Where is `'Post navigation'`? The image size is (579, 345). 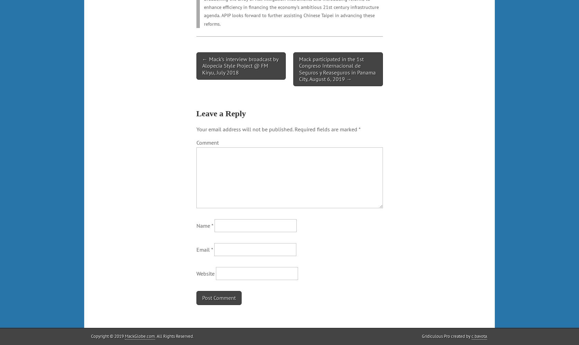 'Post navigation' is located at coordinates (196, 58).